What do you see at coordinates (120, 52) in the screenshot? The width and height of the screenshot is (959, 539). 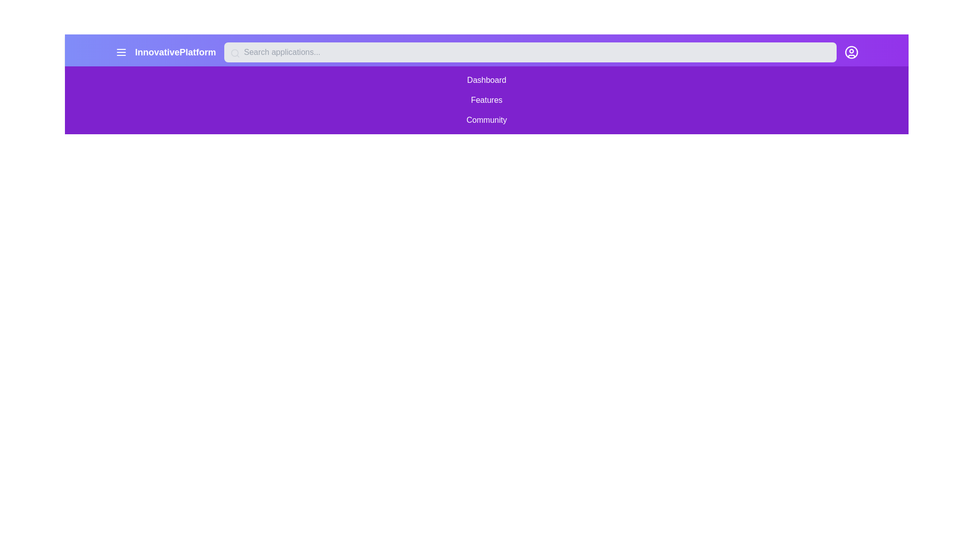 I see `the menu icon to toggle the menu visibility` at bounding box center [120, 52].